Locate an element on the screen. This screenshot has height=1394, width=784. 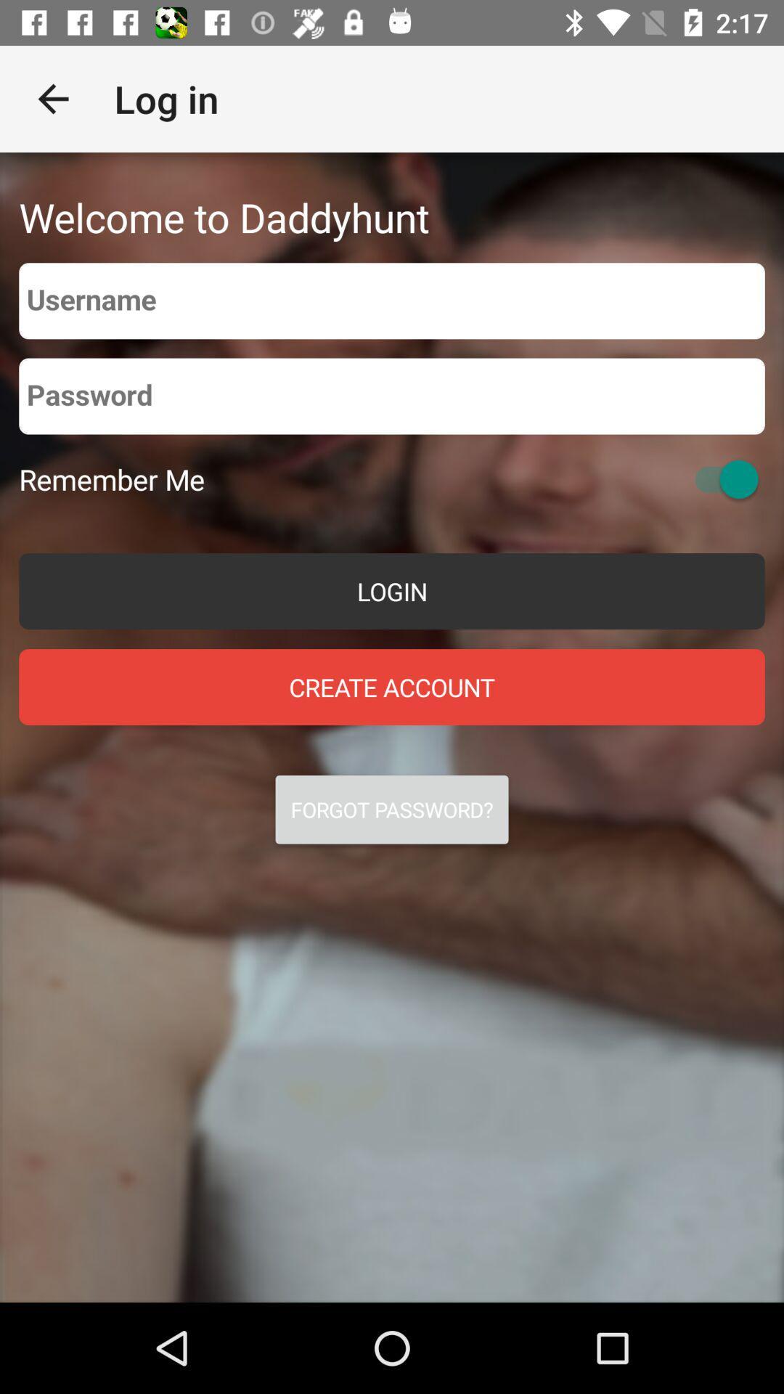
the login icon is located at coordinates (392, 591).